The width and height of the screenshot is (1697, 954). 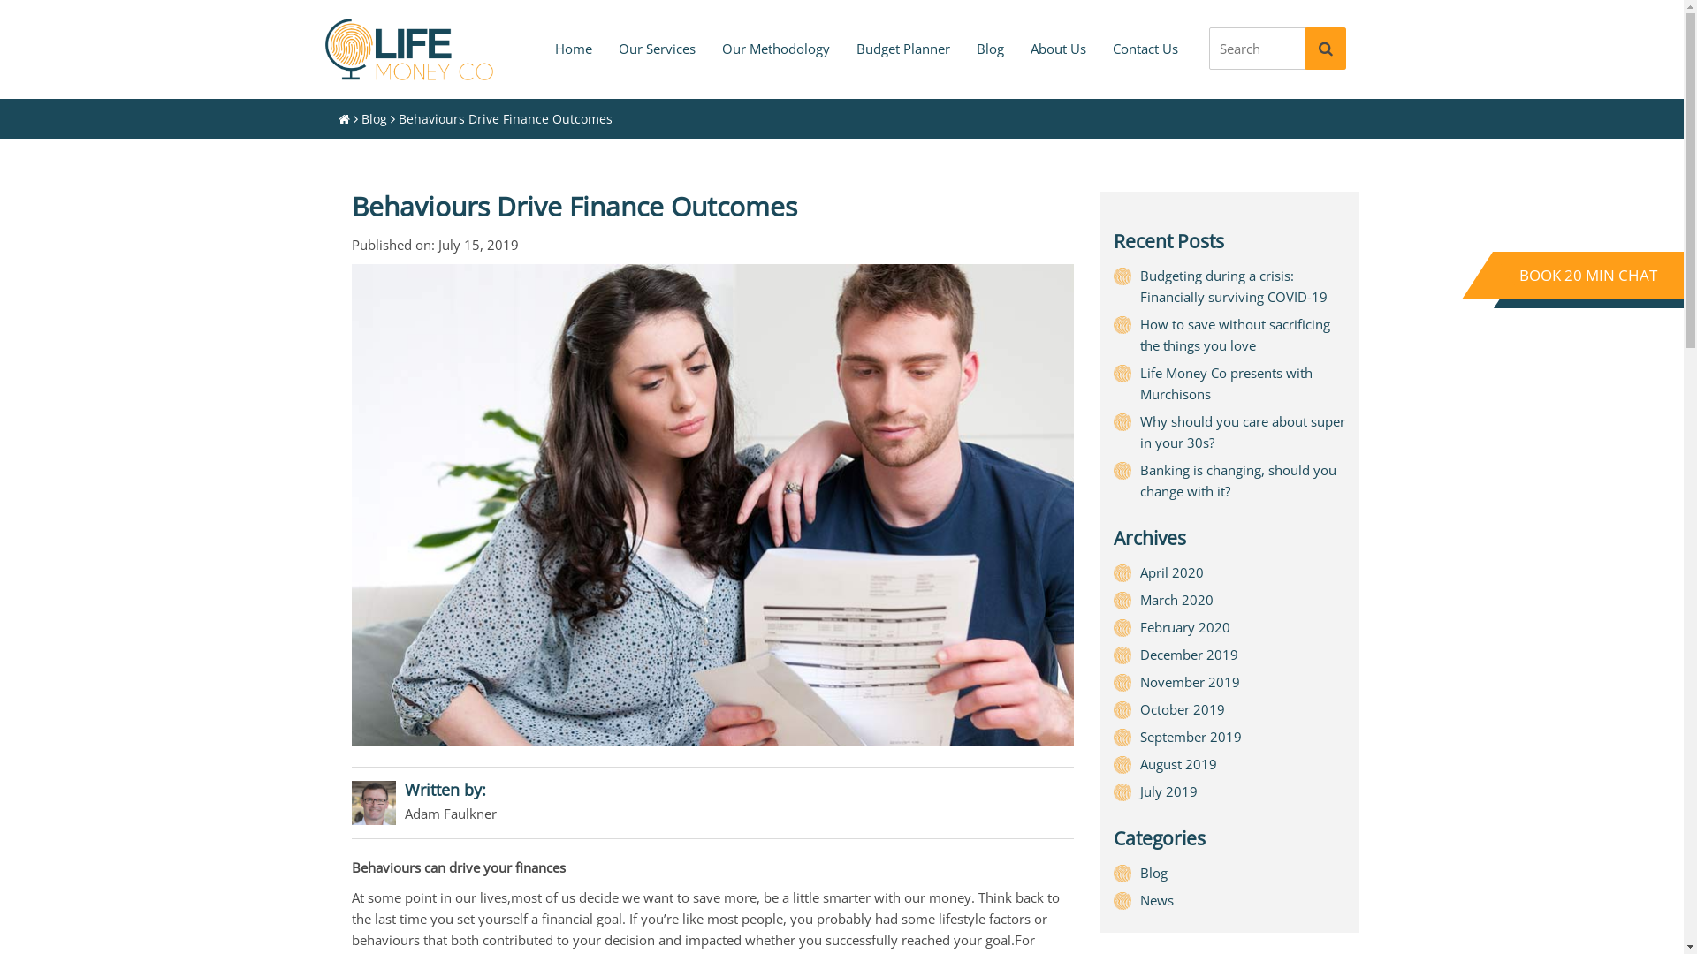 What do you see at coordinates (1184, 625) in the screenshot?
I see `'February 2020'` at bounding box center [1184, 625].